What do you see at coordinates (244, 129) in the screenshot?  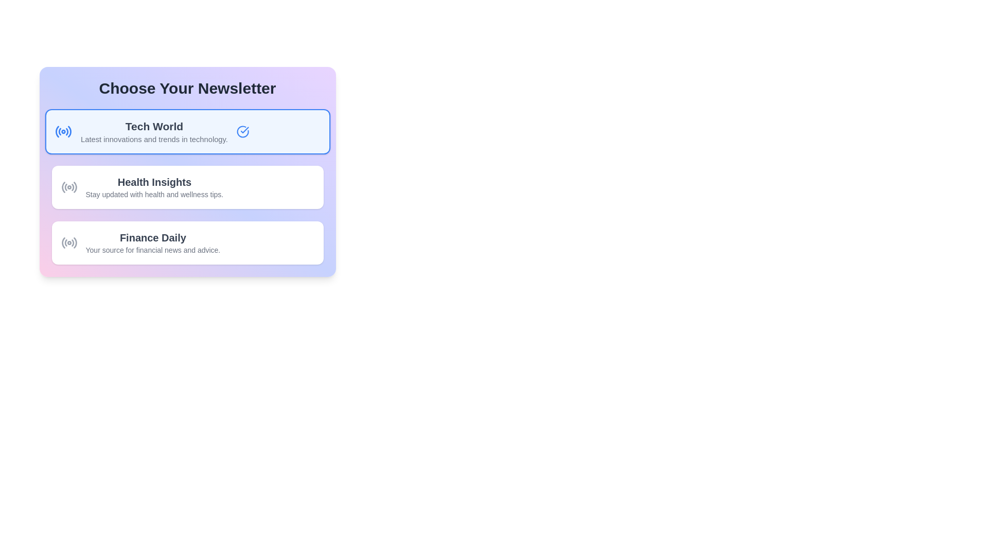 I see `the checkmark icon inside the circular icon, which is located to the right of the 'Tech World' text in the first selection block` at bounding box center [244, 129].